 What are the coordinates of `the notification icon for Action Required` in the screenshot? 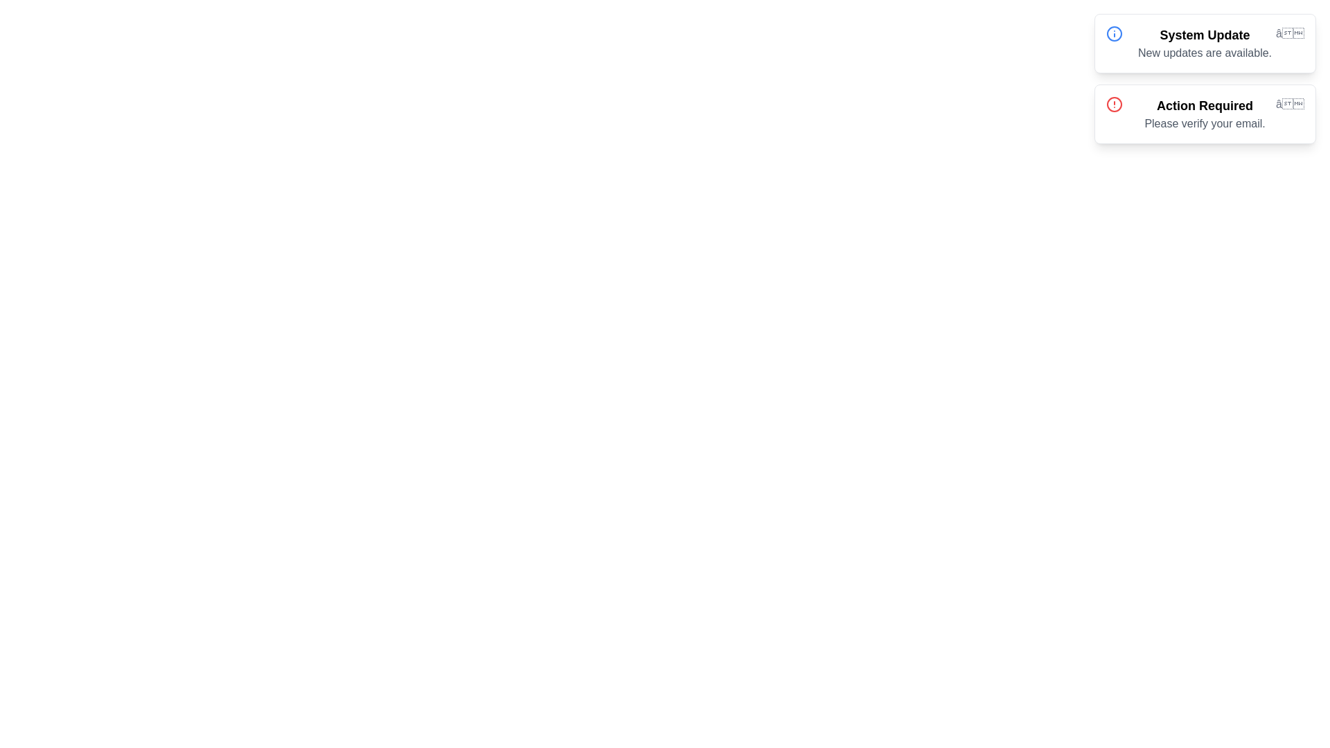 It's located at (1289, 103).